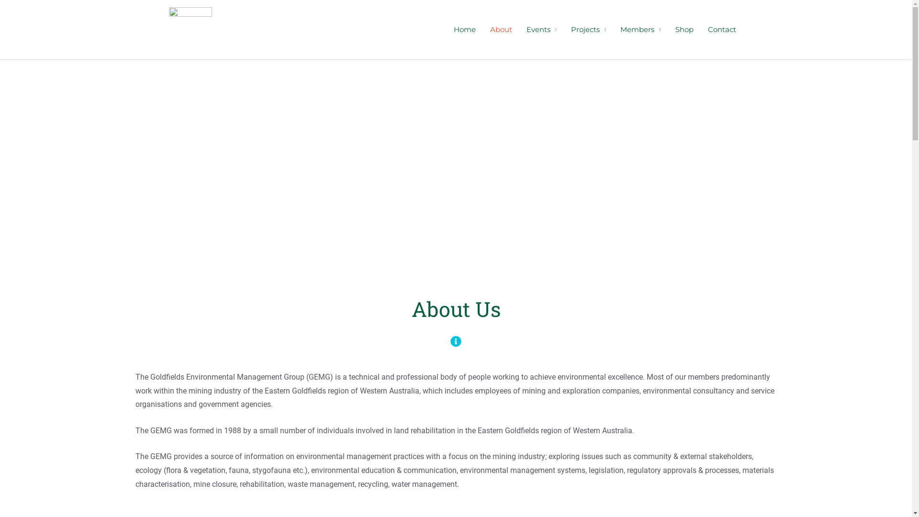 The height and width of the screenshot is (517, 919). Describe the element at coordinates (640, 29) in the screenshot. I see `'Members'` at that location.